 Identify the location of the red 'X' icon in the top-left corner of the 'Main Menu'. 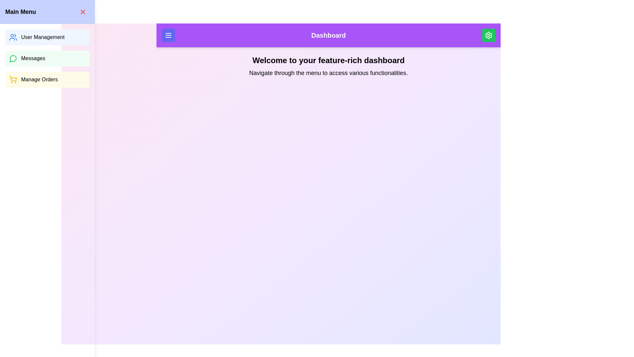
(82, 12).